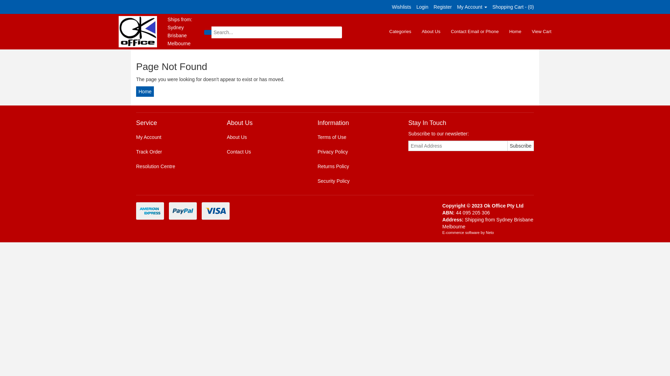  What do you see at coordinates (422, 7) in the screenshot?
I see `'Login'` at bounding box center [422, 7].